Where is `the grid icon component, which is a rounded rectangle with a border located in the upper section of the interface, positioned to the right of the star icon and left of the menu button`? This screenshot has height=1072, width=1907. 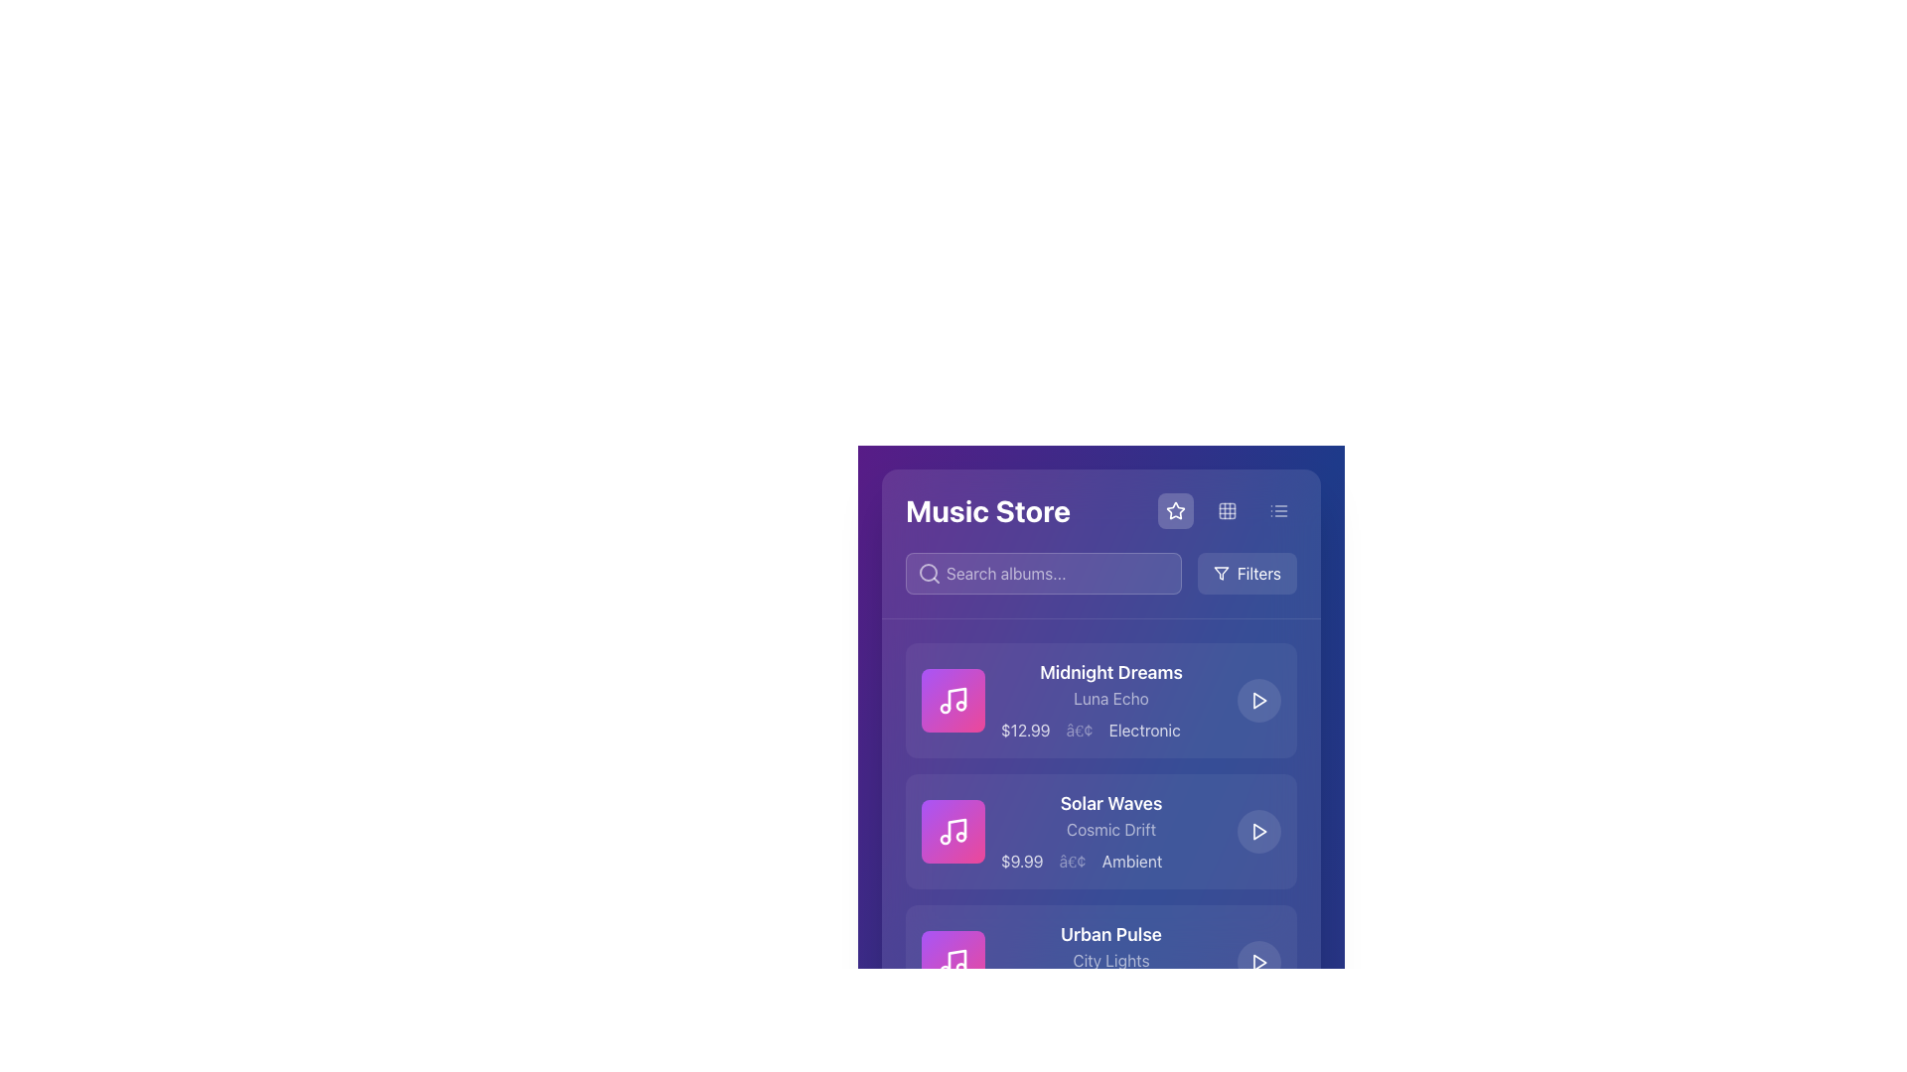
the grid icon component, which is a rounded rectangle with a border located in the upper section of the interface, positioned to the right of the star icon and left of the menu button is located at coordinates (1227, 510).